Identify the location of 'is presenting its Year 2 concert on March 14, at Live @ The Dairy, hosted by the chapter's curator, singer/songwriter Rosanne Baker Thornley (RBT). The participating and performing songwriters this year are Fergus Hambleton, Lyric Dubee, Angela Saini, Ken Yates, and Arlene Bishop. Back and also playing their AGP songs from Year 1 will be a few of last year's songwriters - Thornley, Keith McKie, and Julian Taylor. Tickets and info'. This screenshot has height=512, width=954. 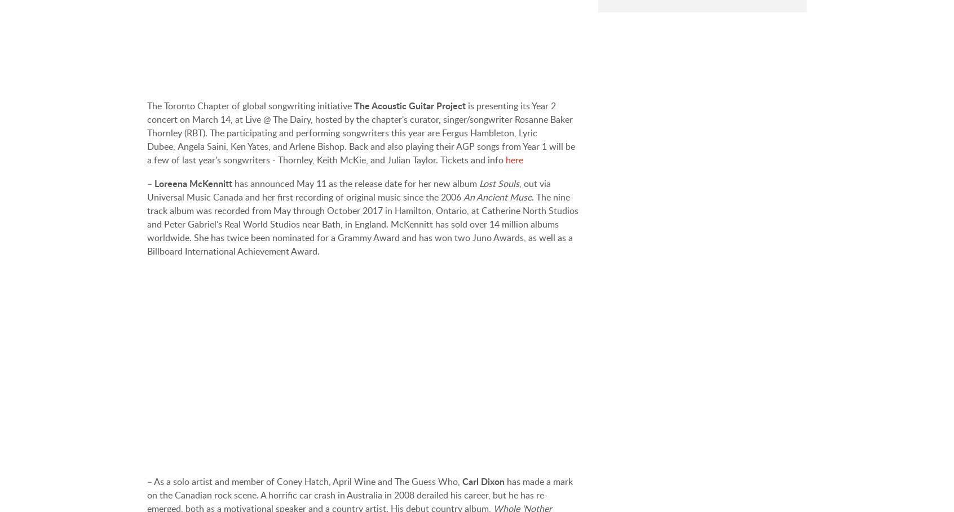
(361, 132).